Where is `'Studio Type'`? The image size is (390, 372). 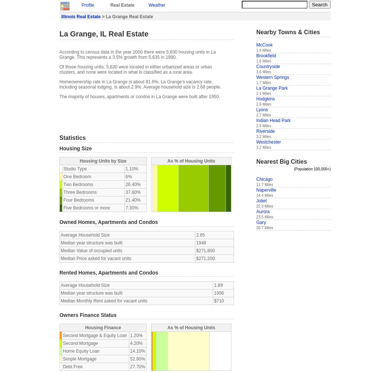
'Studio Type' is located at coordinates (74, 169).